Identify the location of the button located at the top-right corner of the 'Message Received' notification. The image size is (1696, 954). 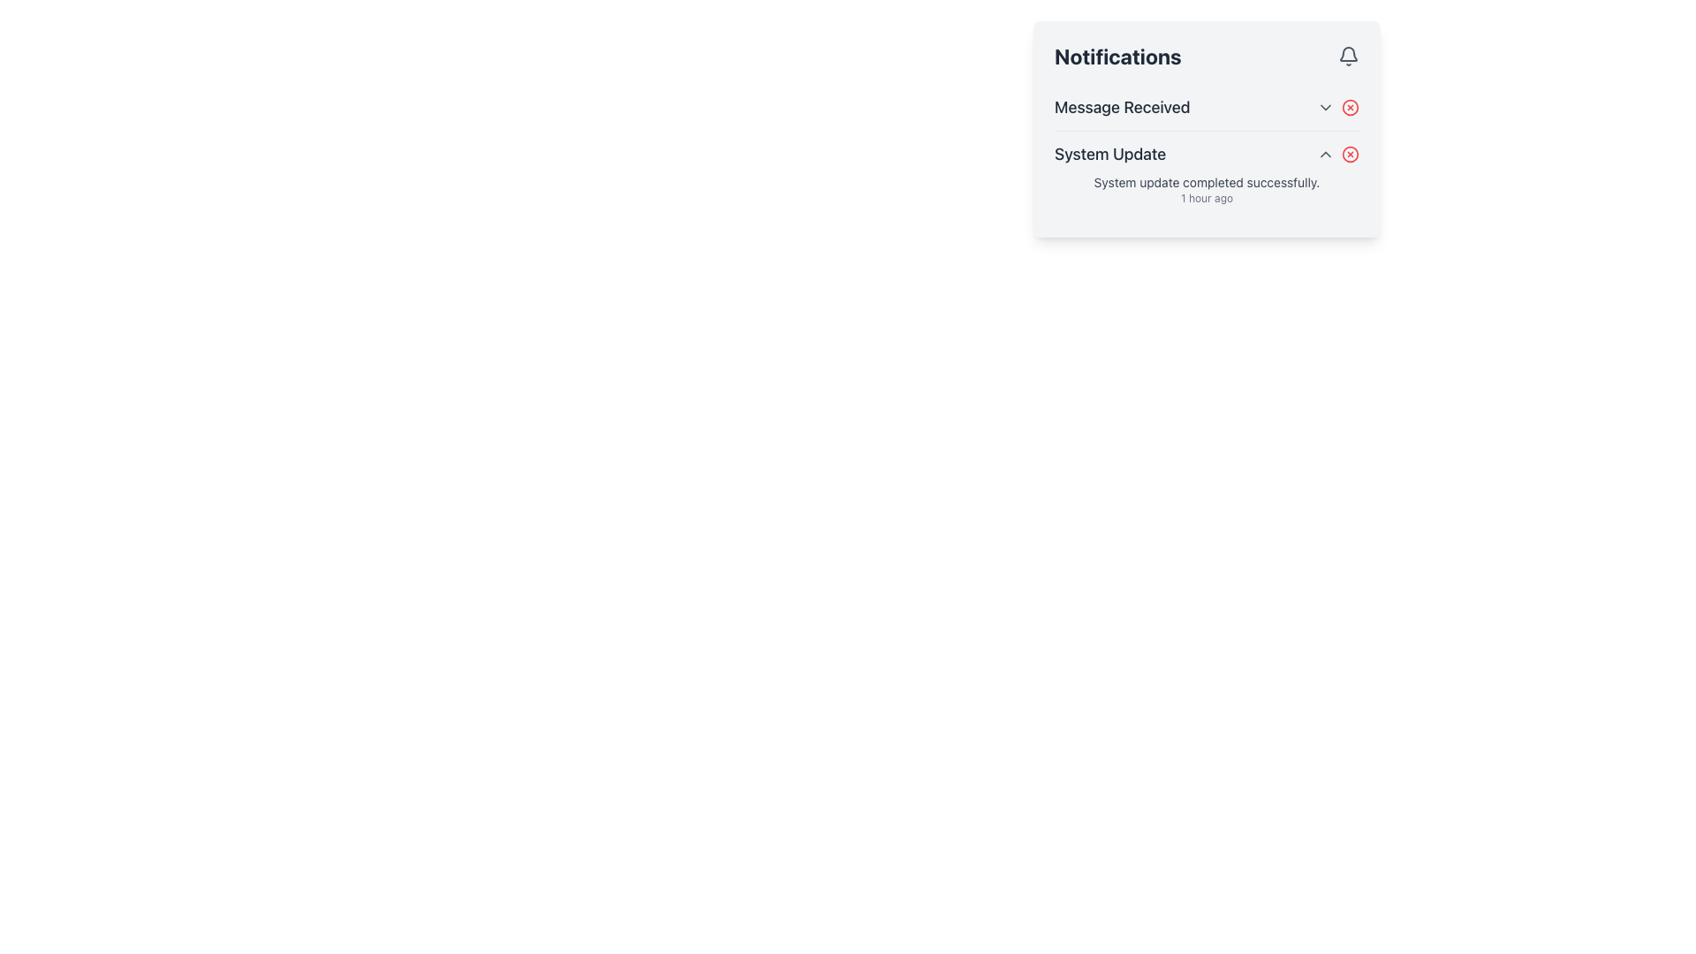
(1326, 108).